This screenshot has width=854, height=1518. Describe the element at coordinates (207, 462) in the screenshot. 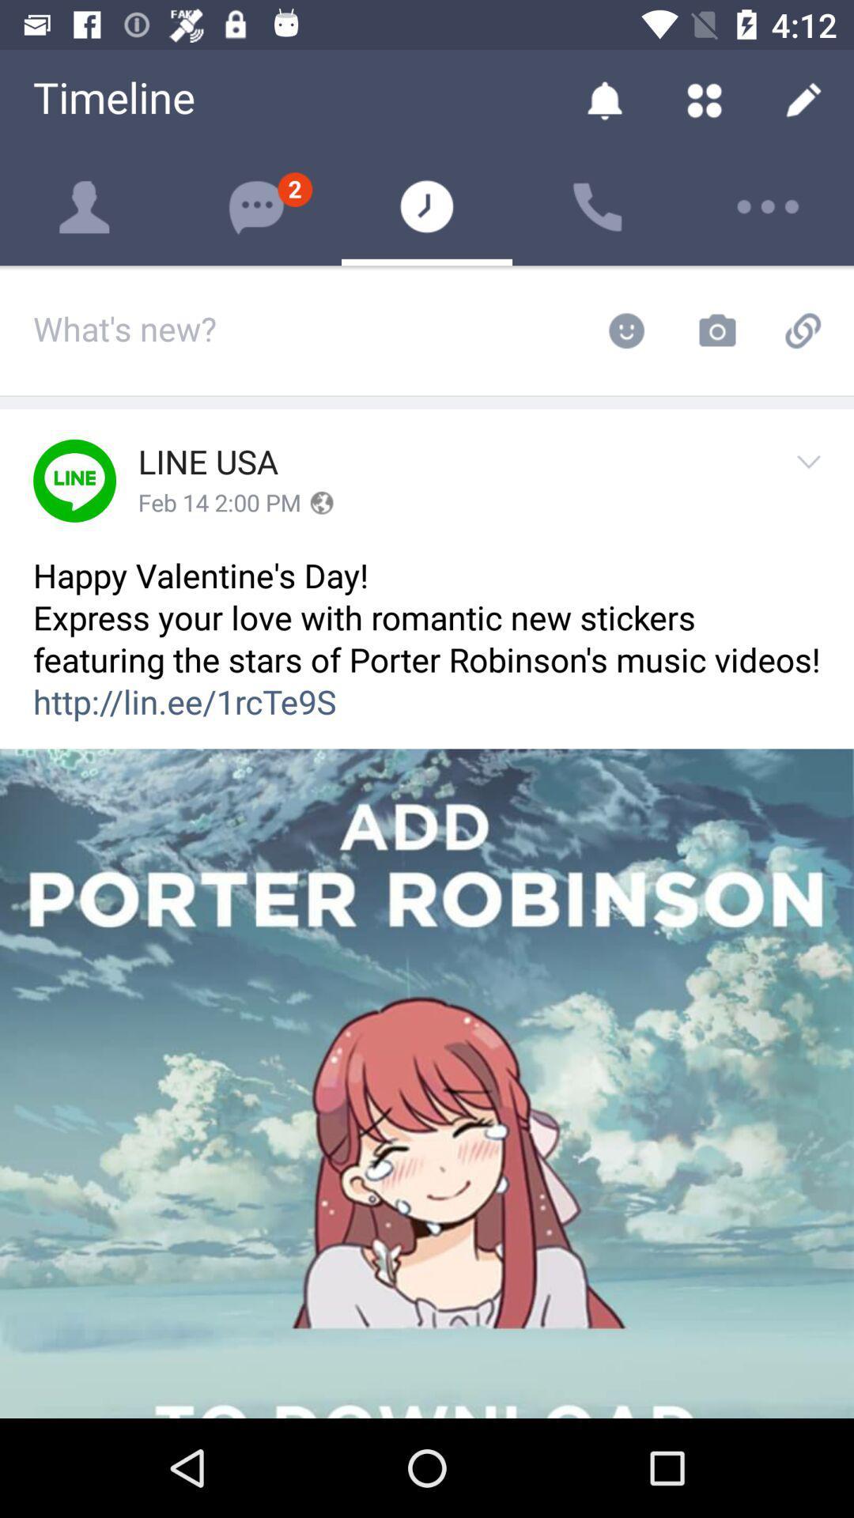

I see `line usa below whats new` at that location.